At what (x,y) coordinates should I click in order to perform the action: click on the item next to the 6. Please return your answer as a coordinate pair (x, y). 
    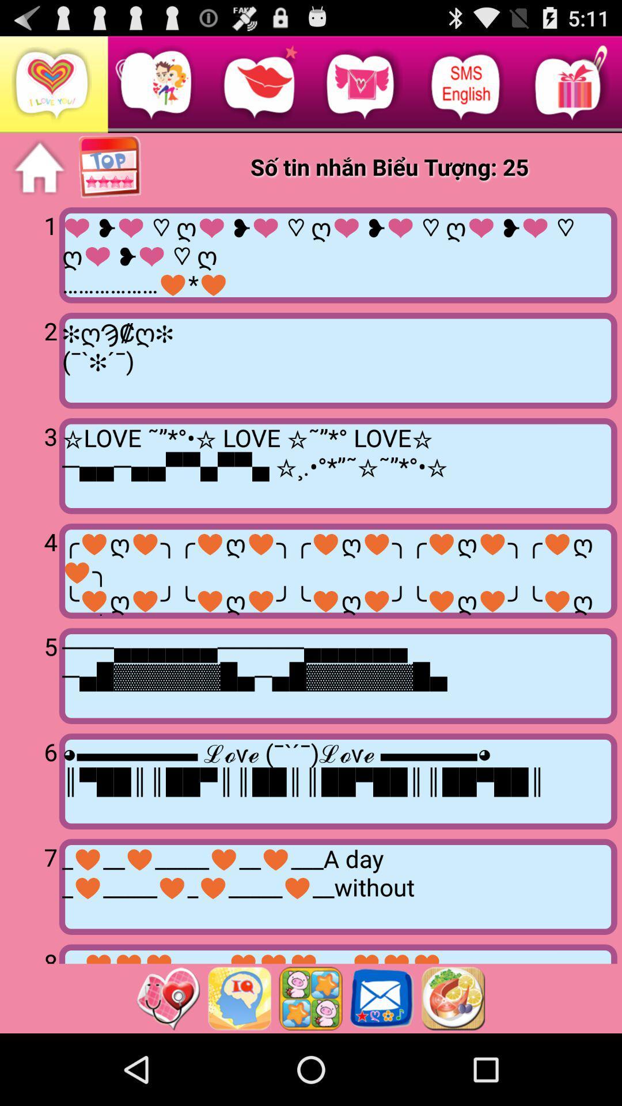
    Looking at the image, I should click on (337, 781).